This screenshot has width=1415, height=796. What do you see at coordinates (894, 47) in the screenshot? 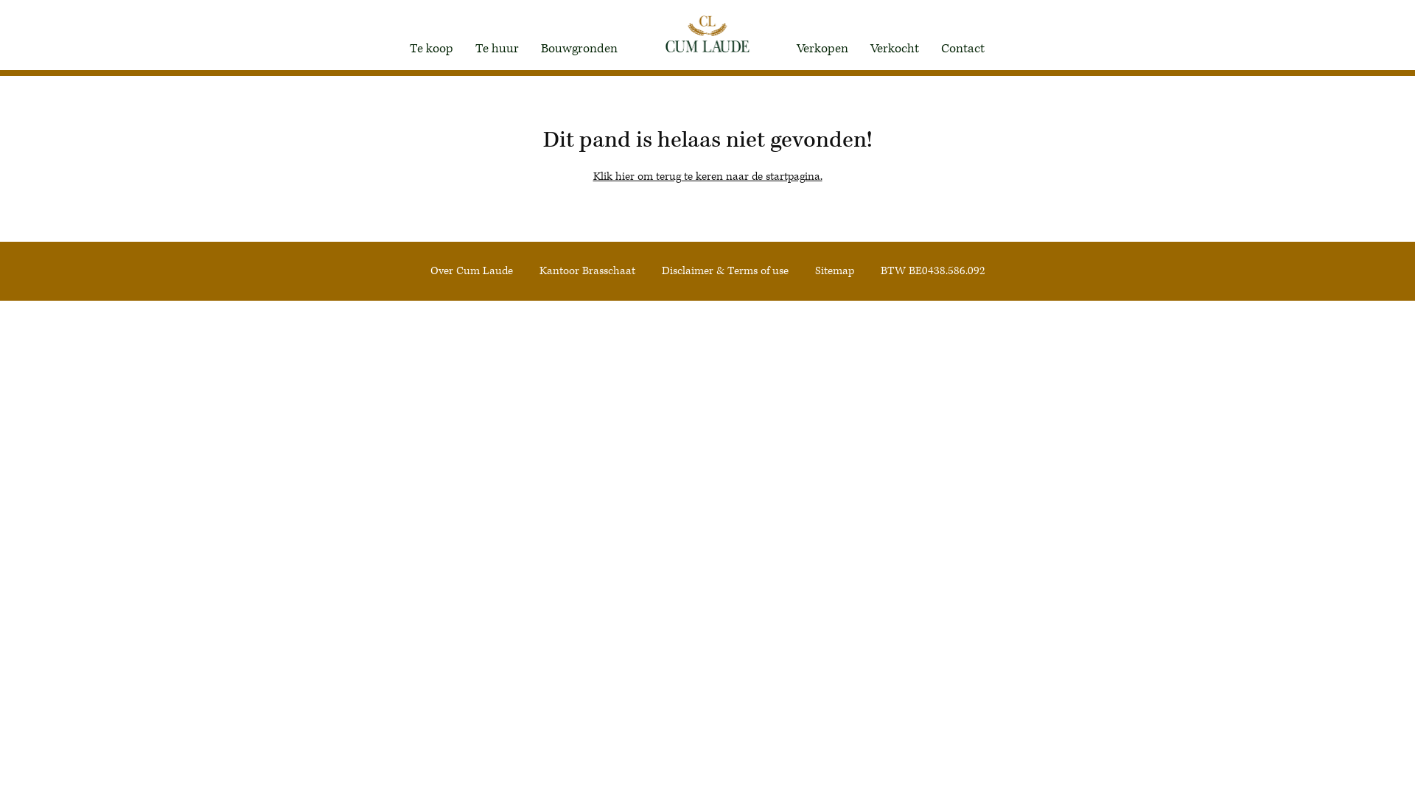
I see `'Verkocht'` at bounding box center [894, 47].